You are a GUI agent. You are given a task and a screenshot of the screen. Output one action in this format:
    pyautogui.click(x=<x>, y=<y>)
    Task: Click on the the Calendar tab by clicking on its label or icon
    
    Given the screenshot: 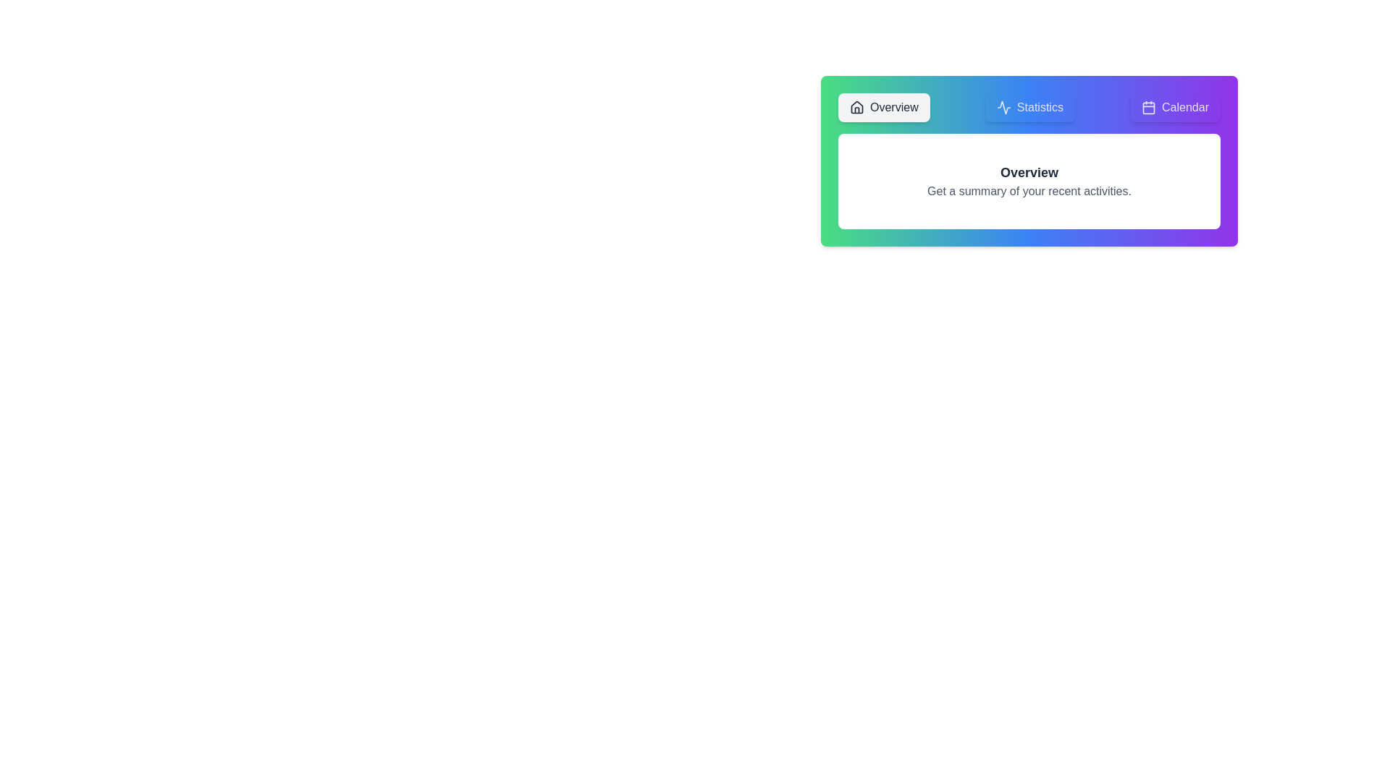 What is the action you would take?
    pyautogui.click(x=1175, y=107)
    